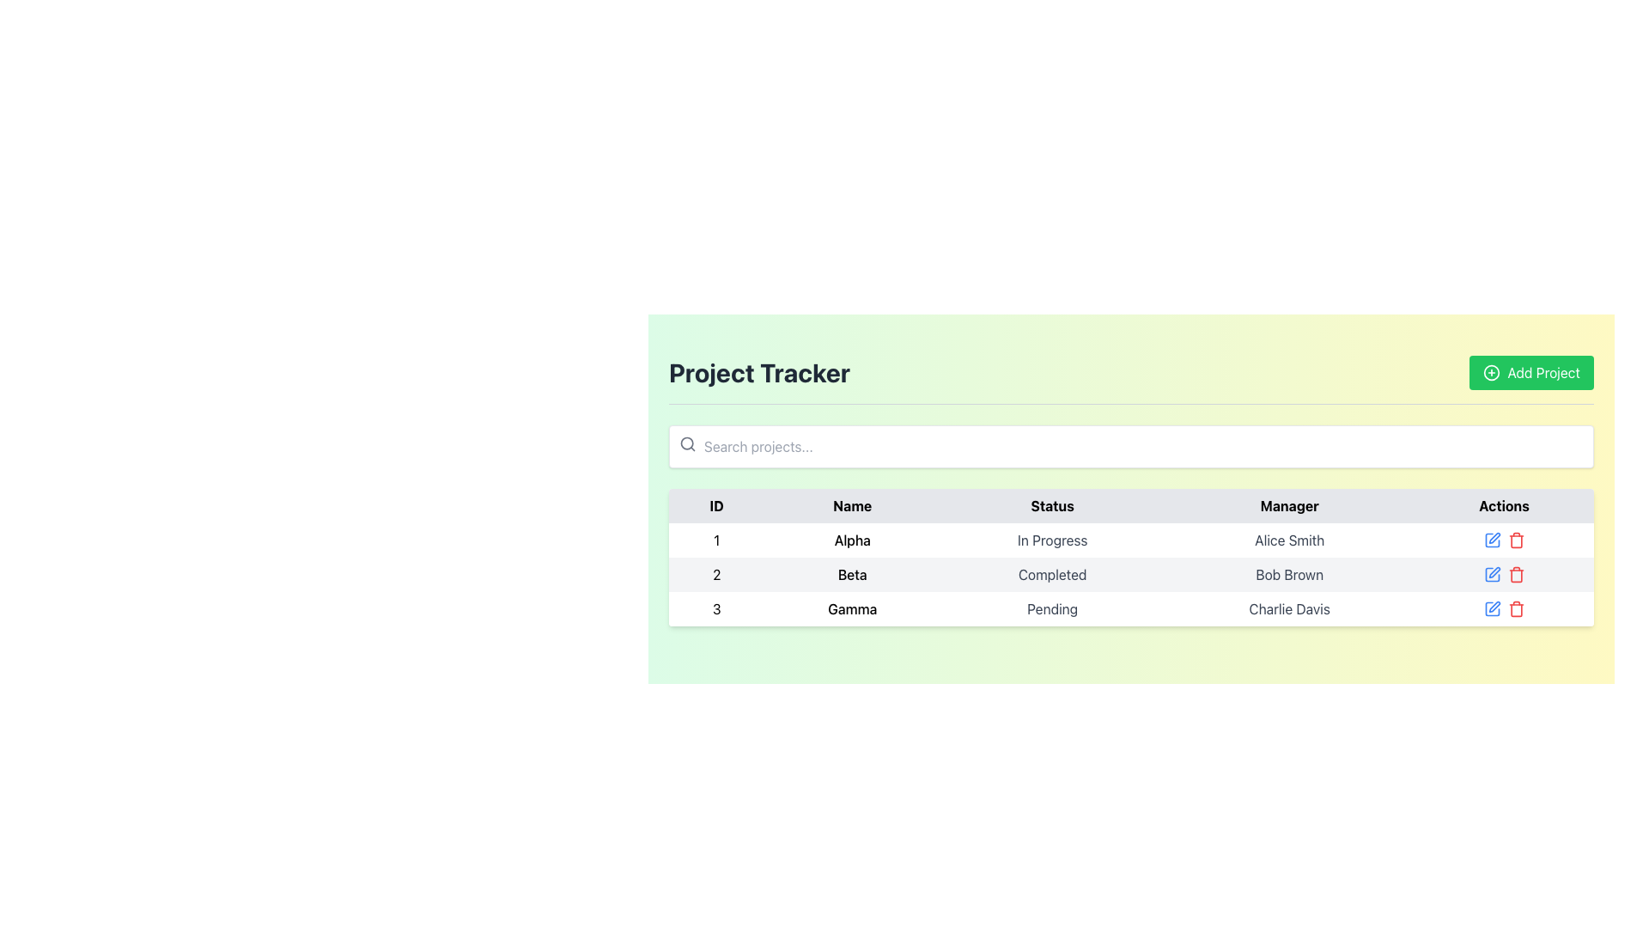  Describe the element at coordinates (1516, 539) in the screenshot. I see `the delete button located in the 'Actions' column of the third row in the 'Project Tracker' table, situated` at that location.